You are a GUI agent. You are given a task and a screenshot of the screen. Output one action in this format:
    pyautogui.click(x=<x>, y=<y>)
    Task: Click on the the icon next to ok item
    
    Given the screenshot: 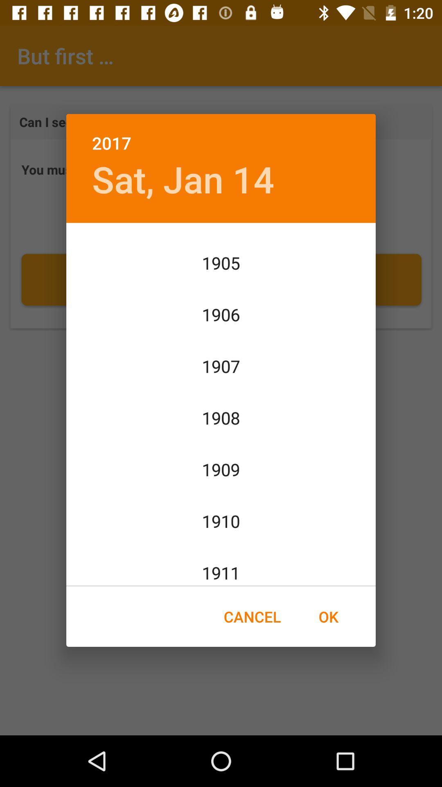 What is the action you would take?
    pyautogui.click(x=252, y=616)
    